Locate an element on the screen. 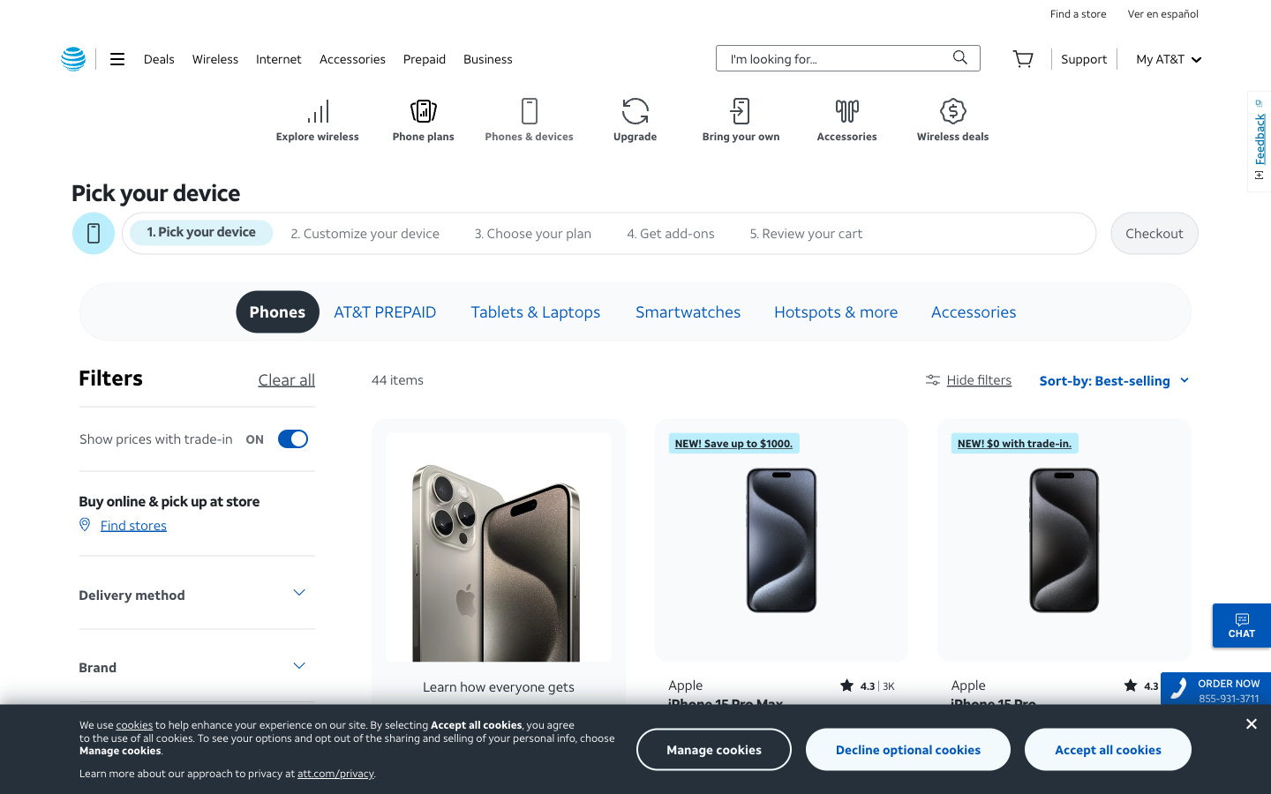 The image size is (1271, 794). From My-AT&T dropdown, choose the very first selection is located at coordinates (1167, 57).